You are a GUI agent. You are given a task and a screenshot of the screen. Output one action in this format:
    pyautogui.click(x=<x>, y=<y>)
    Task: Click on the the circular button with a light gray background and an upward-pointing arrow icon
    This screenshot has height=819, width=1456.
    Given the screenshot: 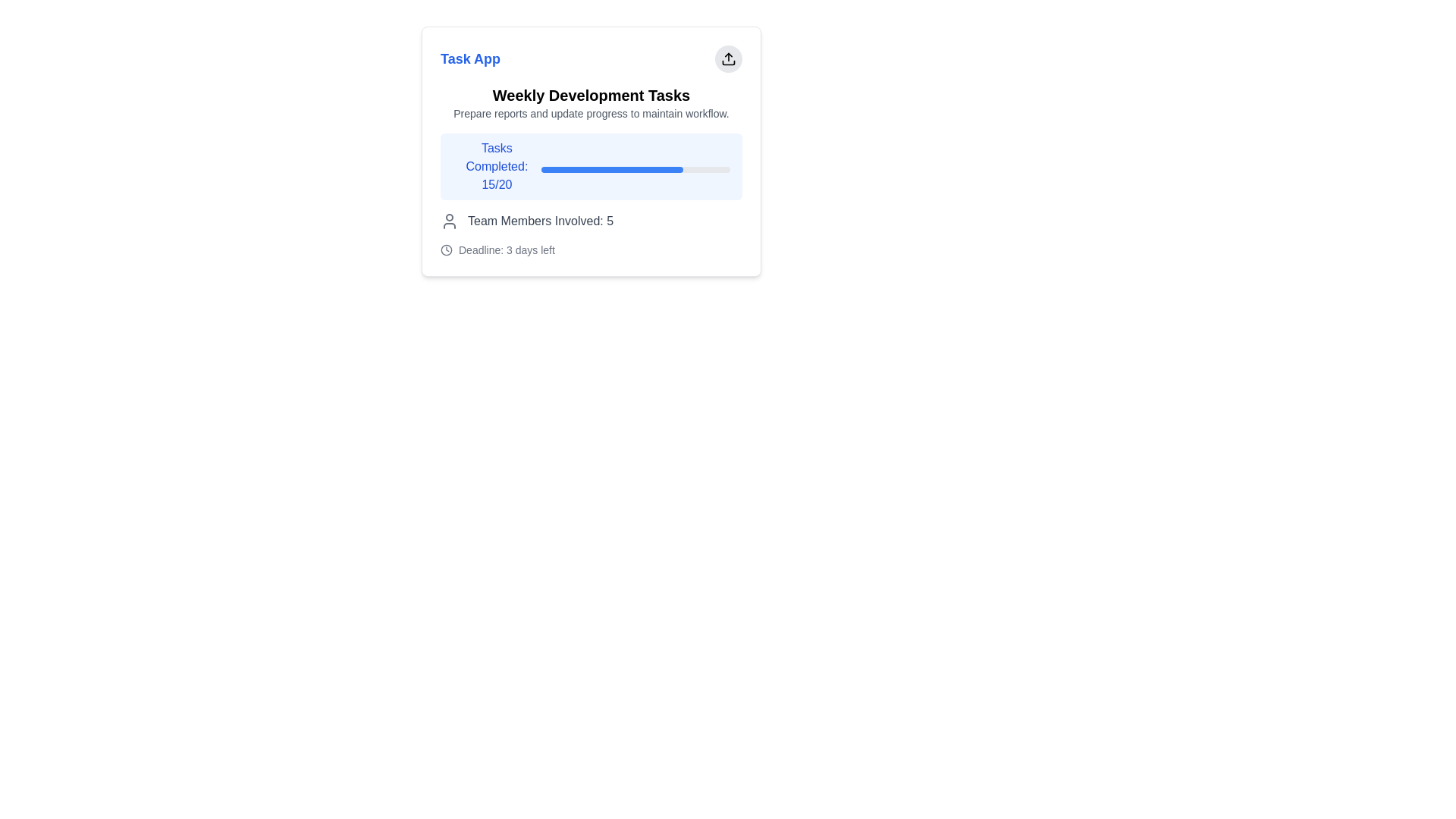 What is the action you would take?
    pyautogui.click(x=728, y=58)
    